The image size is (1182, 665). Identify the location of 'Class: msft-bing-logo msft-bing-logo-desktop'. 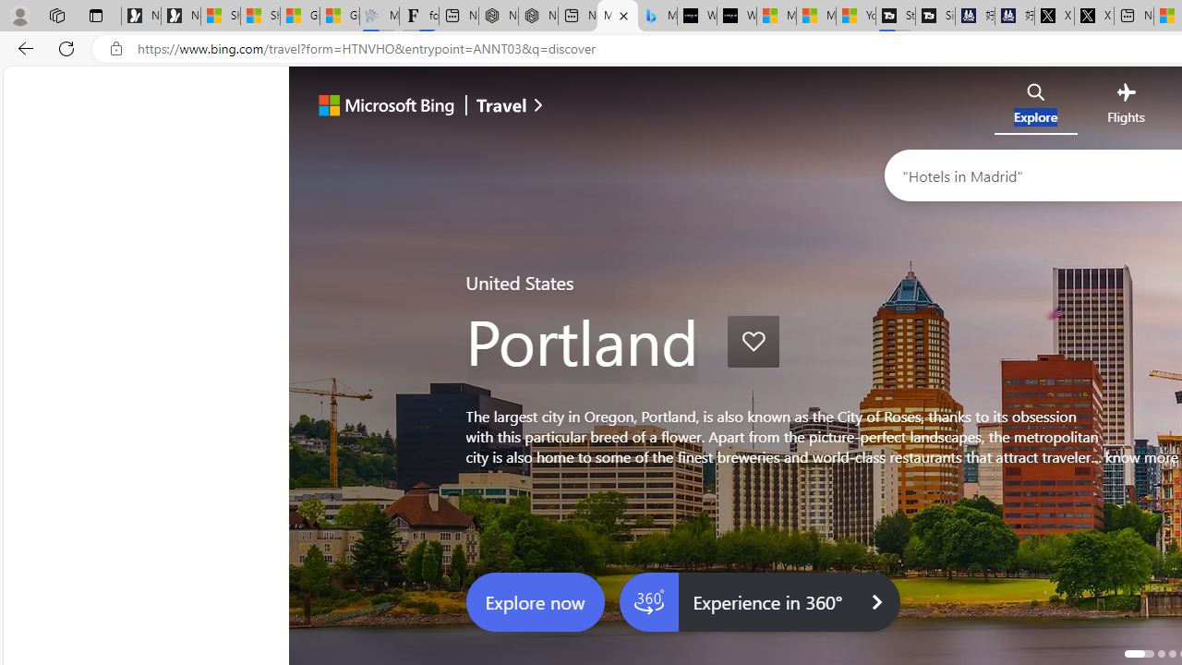
(380, 105).